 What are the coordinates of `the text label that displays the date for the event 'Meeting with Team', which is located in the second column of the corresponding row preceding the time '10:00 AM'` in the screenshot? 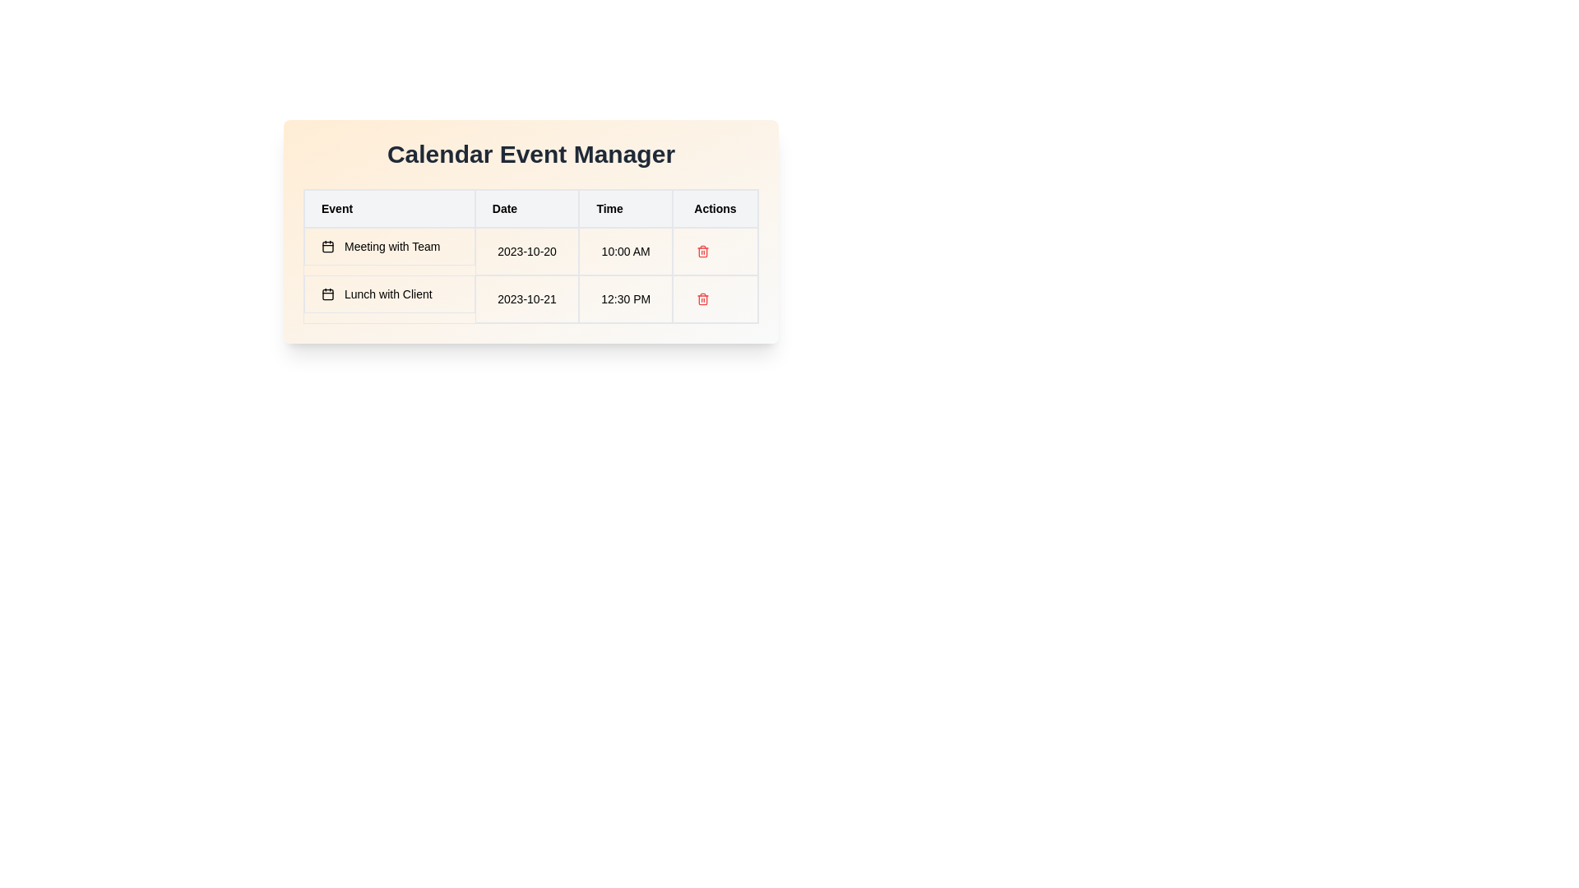 It's located at (531, 251).